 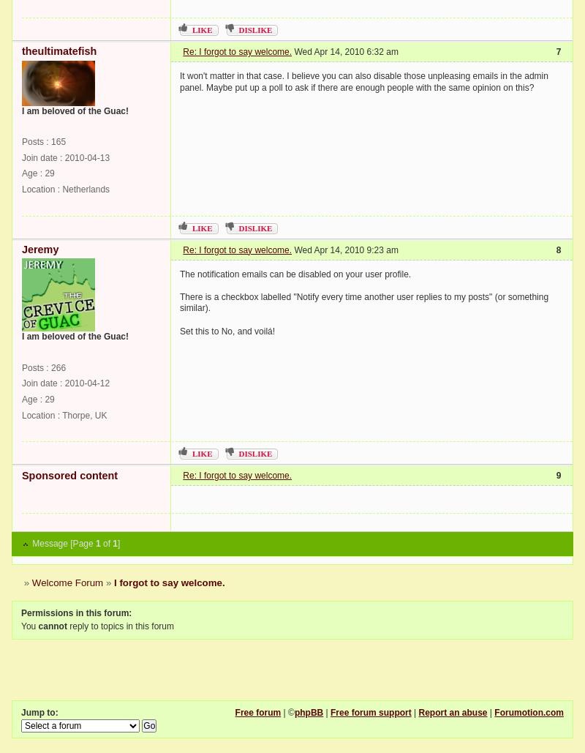 What do you see at coordinates (85, 188) in the screenshot?
I see `'Netherlands'` at bounding box center [85, 188].